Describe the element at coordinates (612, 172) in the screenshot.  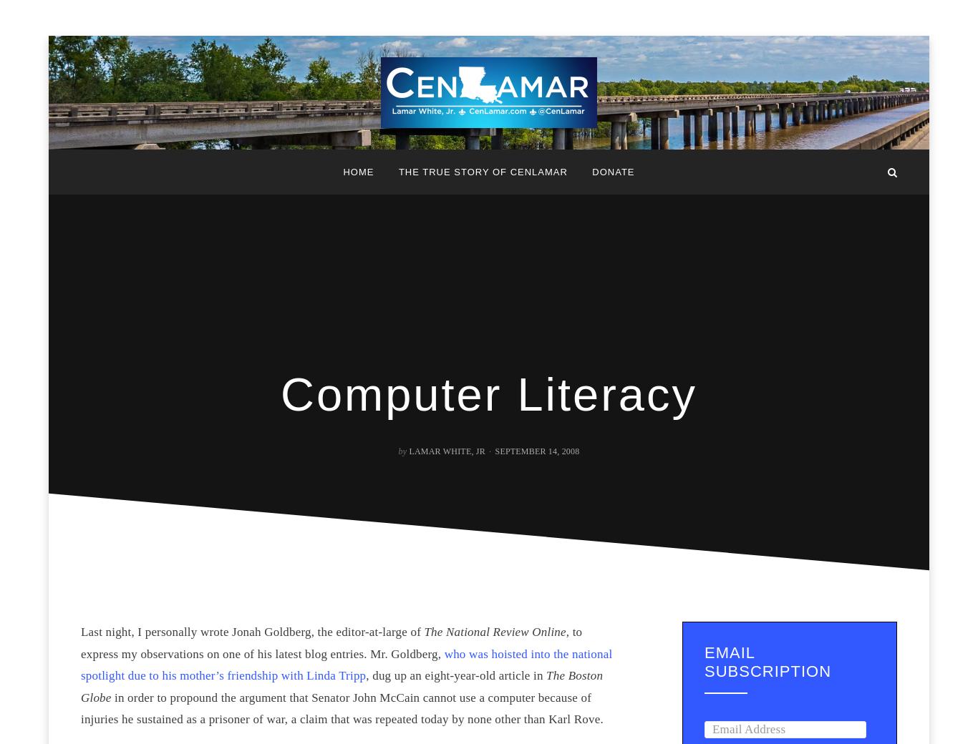
I see `'Donate'` at that location.